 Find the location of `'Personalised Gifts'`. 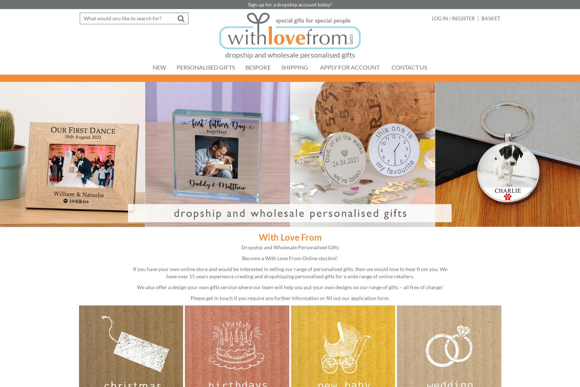

'Personalised Gifts' is located at coordinates (205, 67).